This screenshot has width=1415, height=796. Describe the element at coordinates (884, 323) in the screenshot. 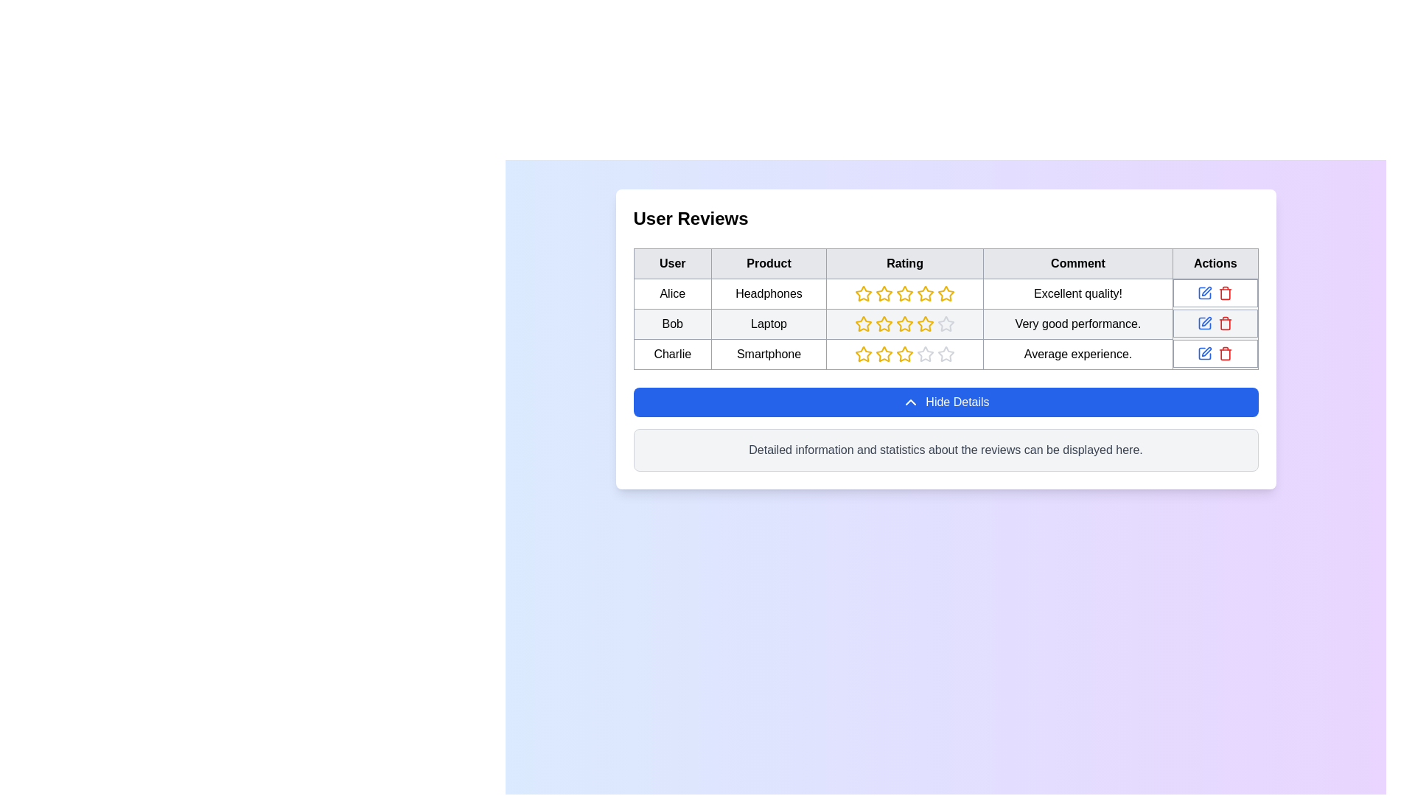

I see `the rating value by hovering over the third star-shaped icon with a yellow outline in the rating system for user 'Bob' reviewing the product 'Laptop.'` at that location.